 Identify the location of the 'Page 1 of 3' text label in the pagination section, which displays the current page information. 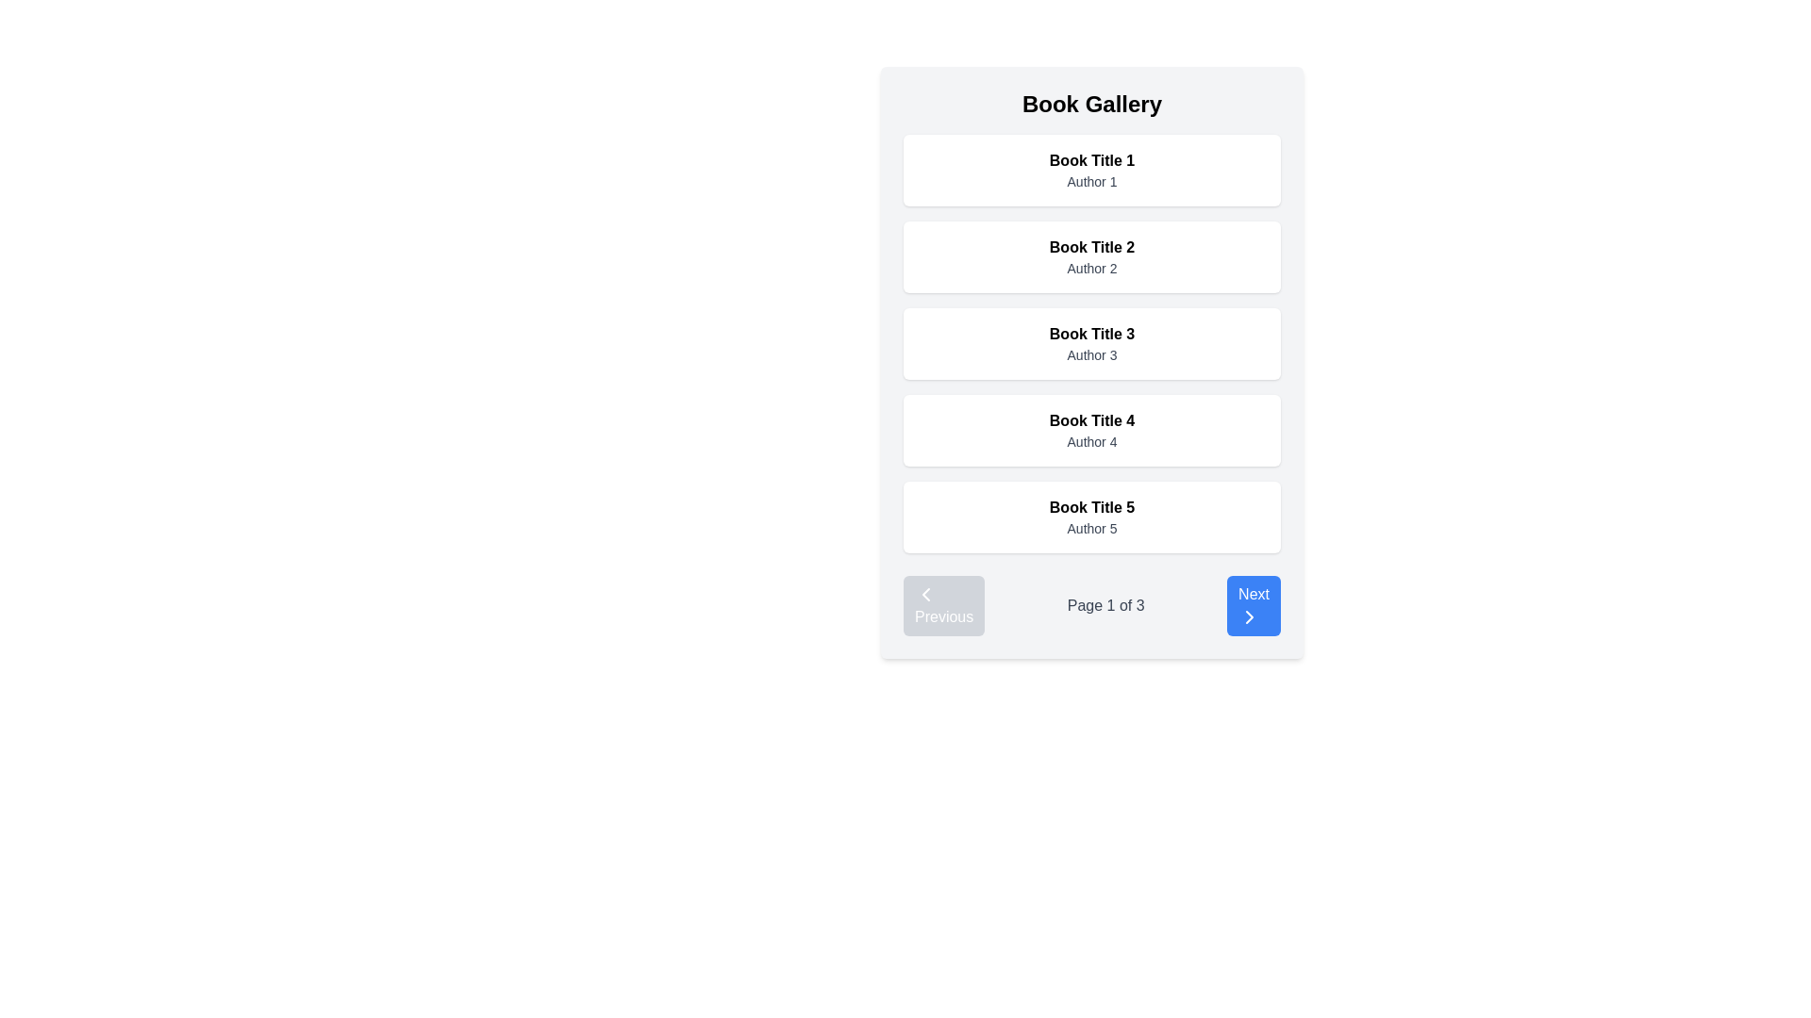
(1105, 606).